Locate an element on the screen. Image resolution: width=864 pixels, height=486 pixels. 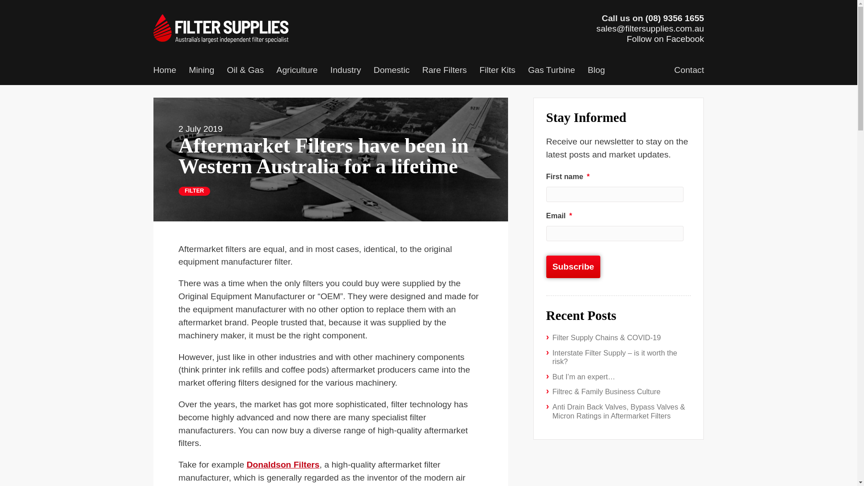
'Donaldson Filters' is located at coordinates (246, 464).